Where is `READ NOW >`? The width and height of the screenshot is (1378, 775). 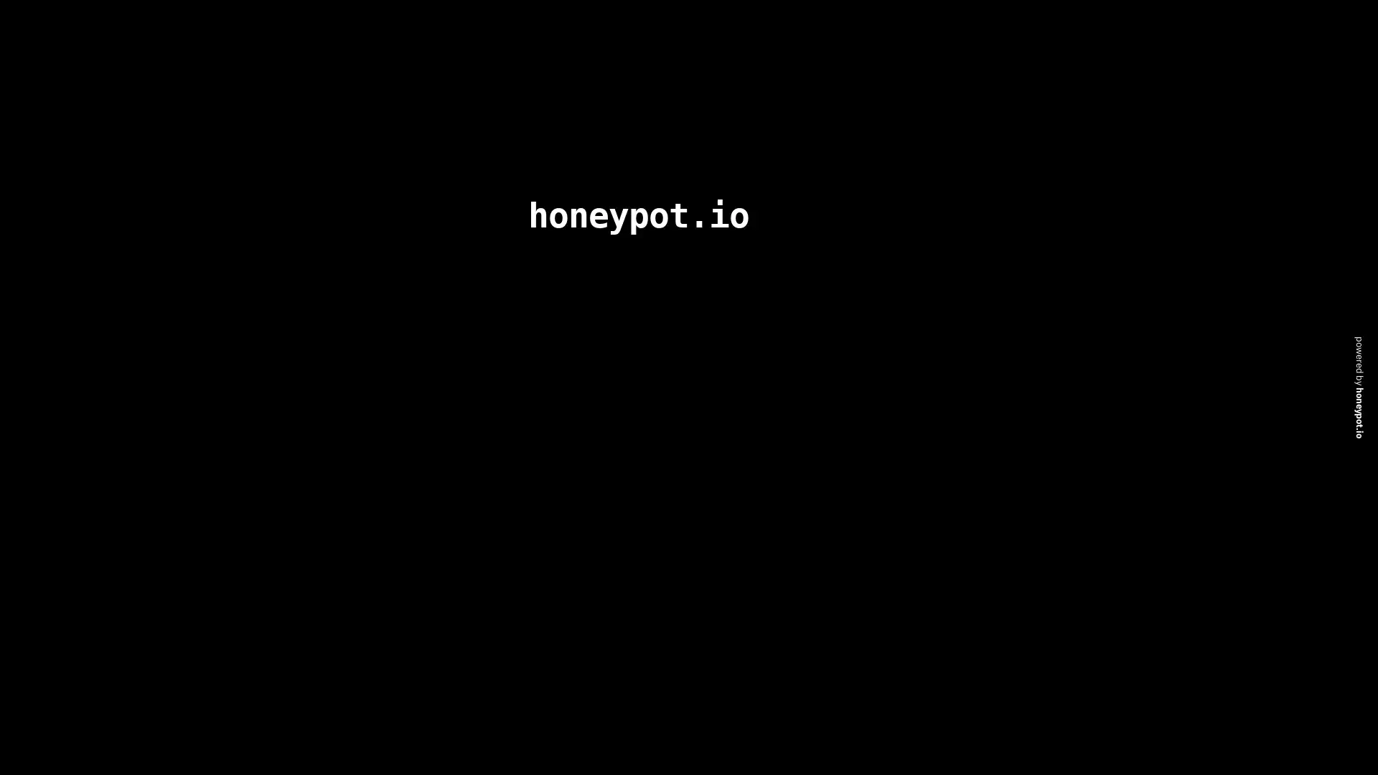
READ NOW > is located at coordinates (472, 705).